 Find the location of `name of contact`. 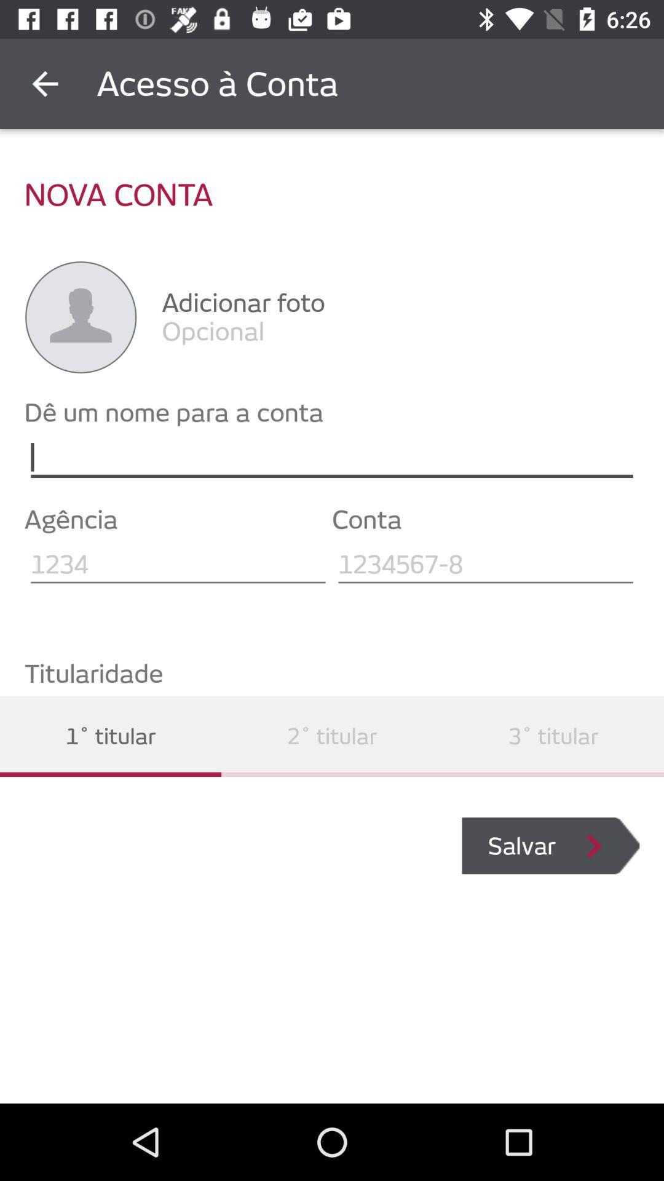

name of contact is located at coordinates (332, 457).